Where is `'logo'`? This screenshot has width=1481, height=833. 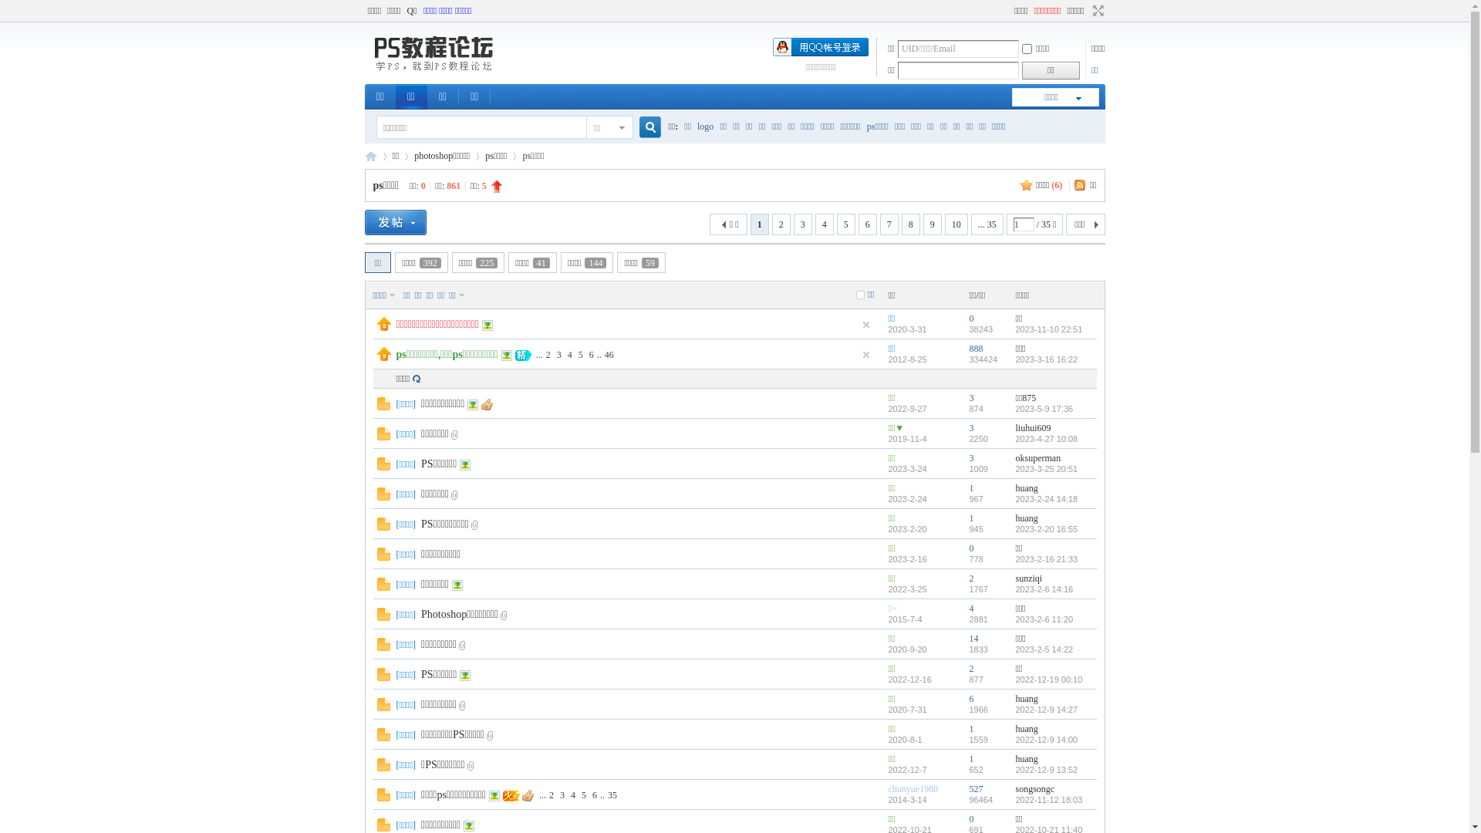 'logo' is located at coordinates (704, 126).